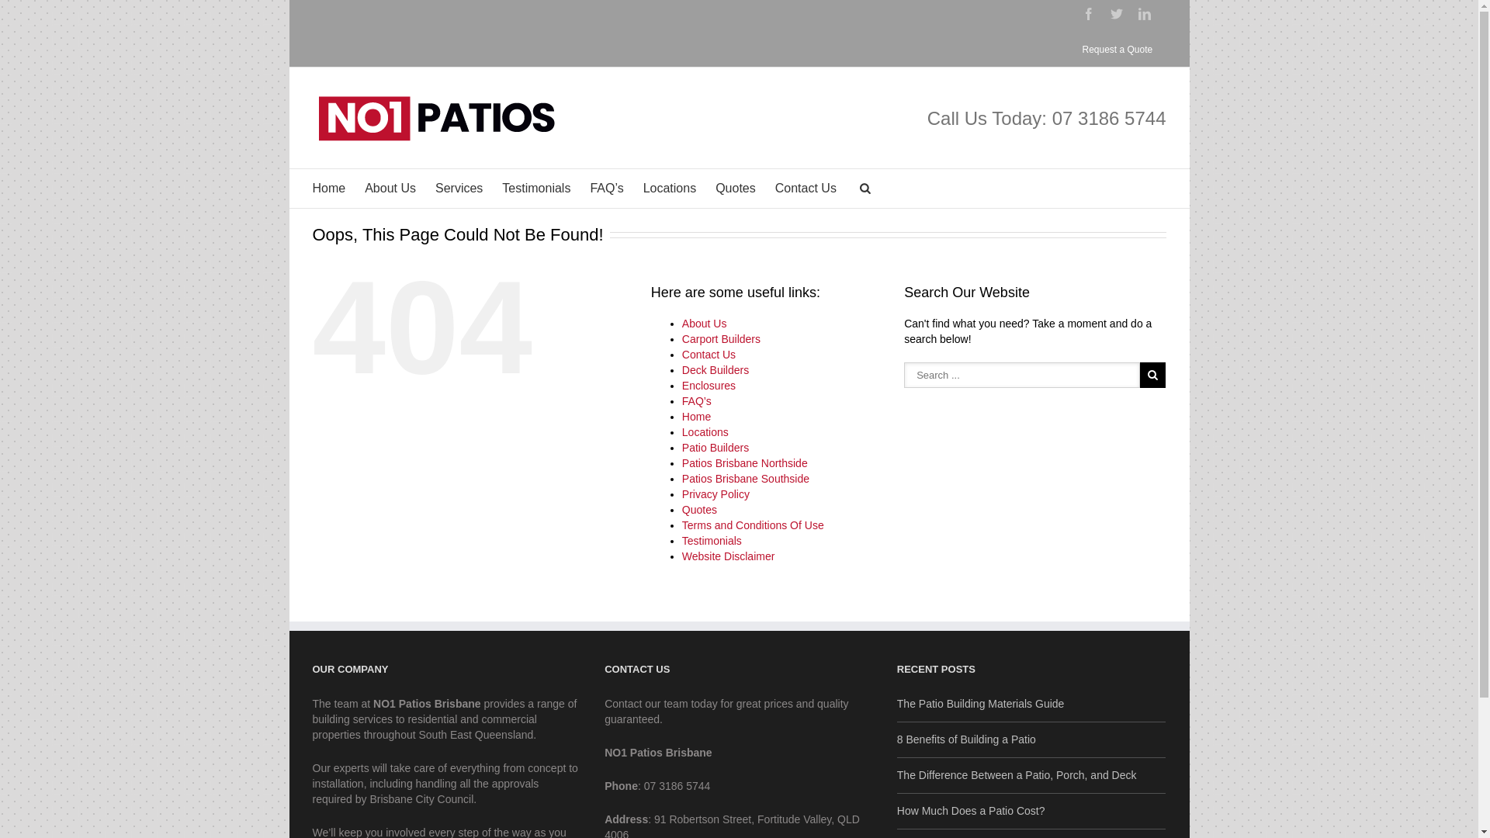 This screenshot has height=838, width=1490. What do you see at coordinates (390, 188) in the screenshot?
I see `'About Us'` at bounding box center [390, 188].